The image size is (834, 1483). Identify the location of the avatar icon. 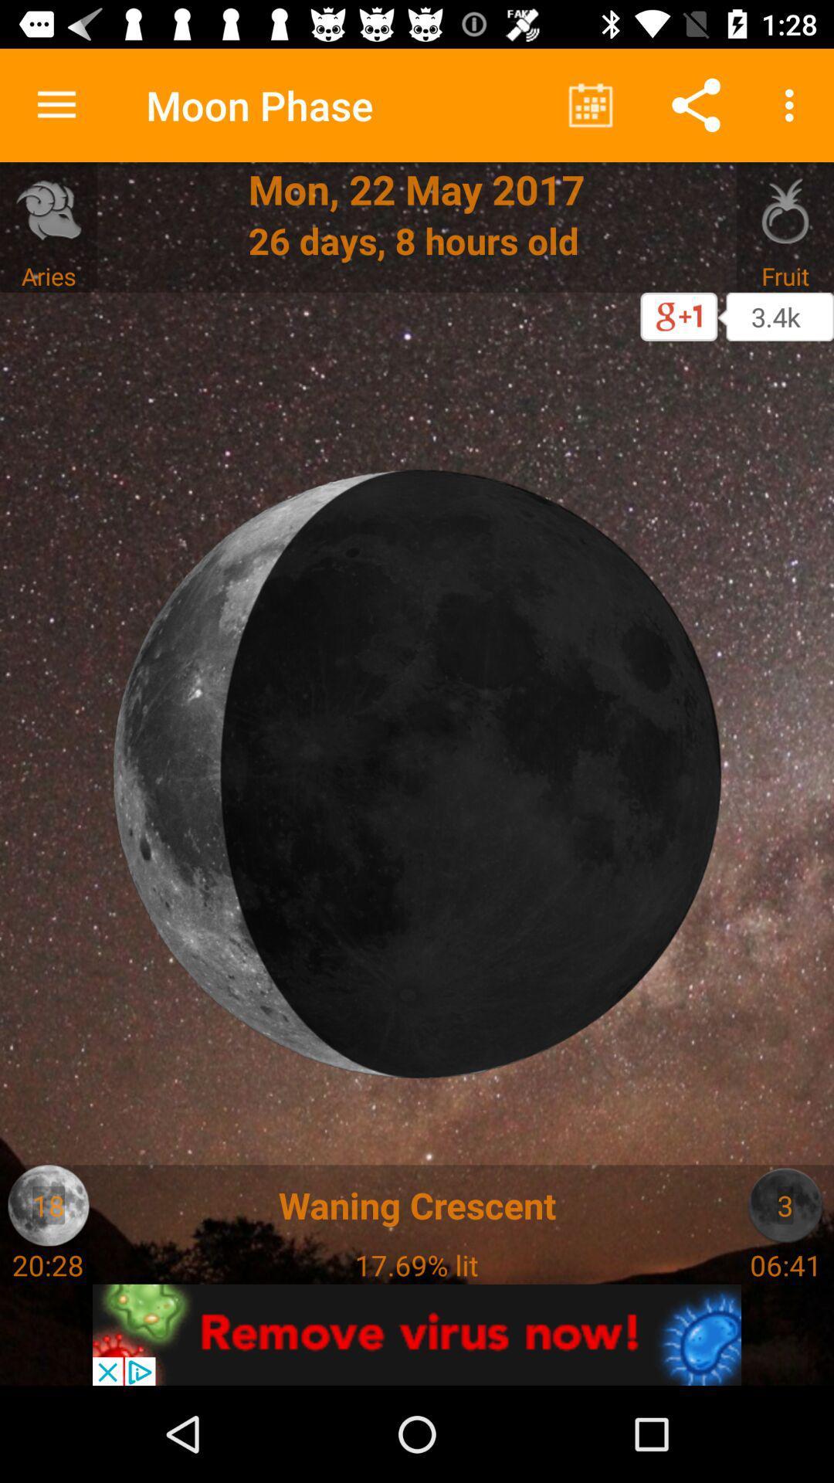
(47, 1204).